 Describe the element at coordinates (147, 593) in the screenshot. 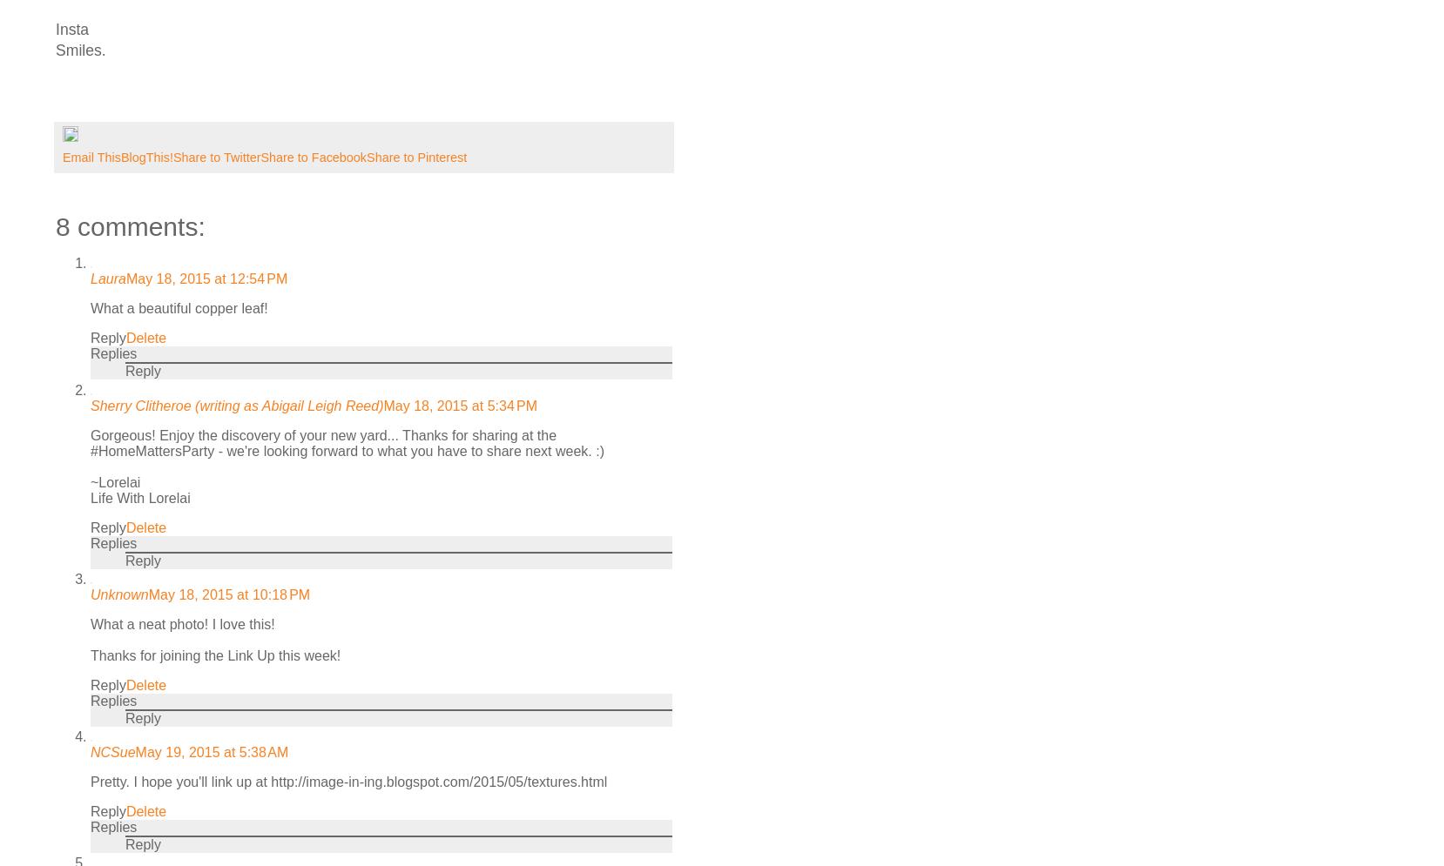

I see `'May 18, 2015 at 10:18 PM'` at that location.